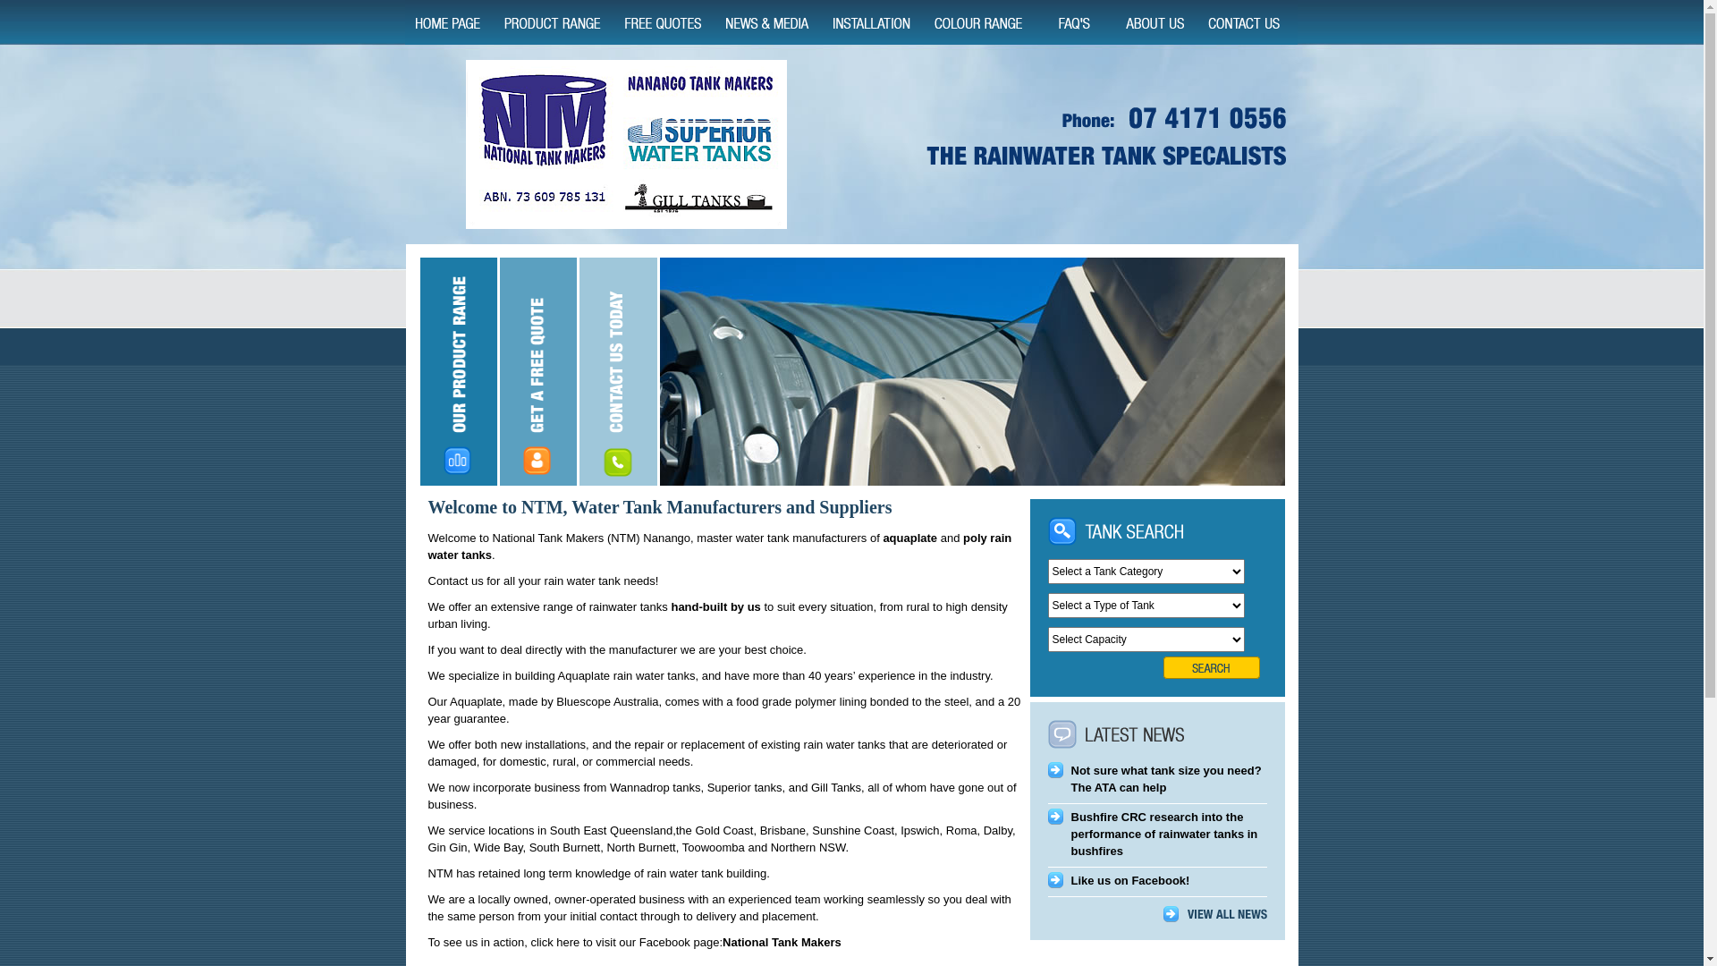 The width and height of the screenshot is (1717, 966). What do you see at coordinates (974, 537) in the screenshot?
I see `'poly'` at bounding box center [974, 537].